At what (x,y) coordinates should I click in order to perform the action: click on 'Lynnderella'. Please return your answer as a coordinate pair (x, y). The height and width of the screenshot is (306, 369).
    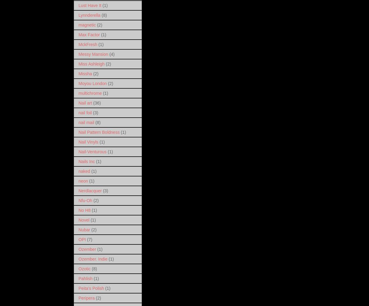
    Looking at the image, I should click on (89, 15).